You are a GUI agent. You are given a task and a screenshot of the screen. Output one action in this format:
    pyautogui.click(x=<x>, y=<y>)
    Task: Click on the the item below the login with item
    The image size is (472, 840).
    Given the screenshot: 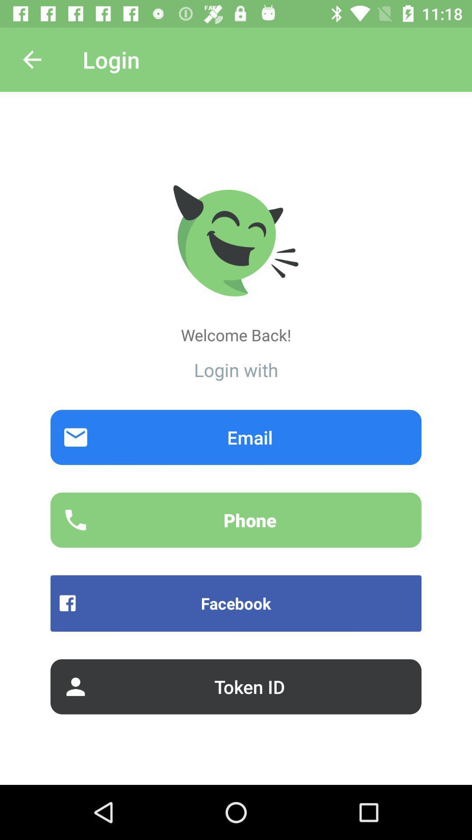 What is the action you would take?
    pyautogui.click(x=236, y=437)
    